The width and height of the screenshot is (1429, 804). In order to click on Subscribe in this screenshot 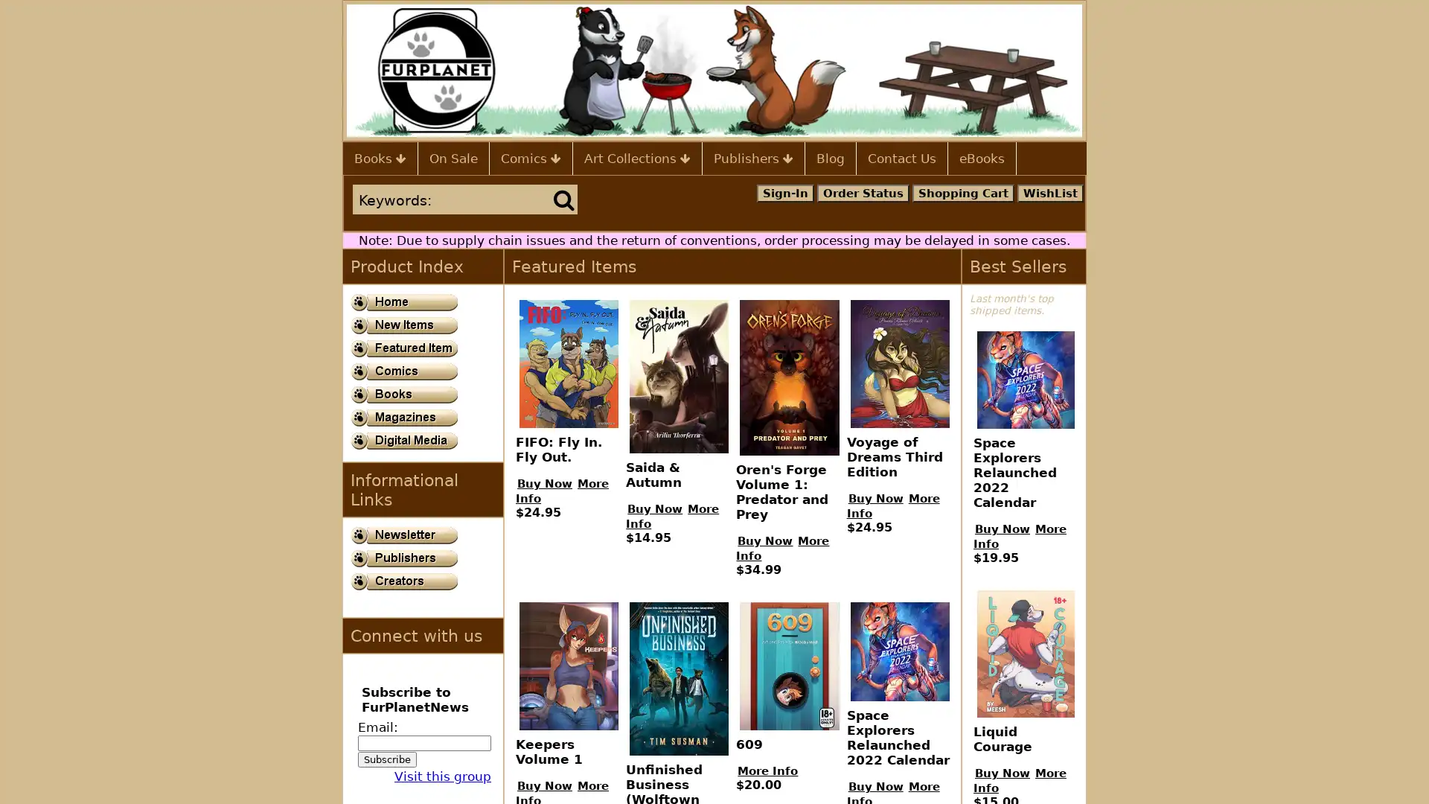, I will do `click(387, 759)`.